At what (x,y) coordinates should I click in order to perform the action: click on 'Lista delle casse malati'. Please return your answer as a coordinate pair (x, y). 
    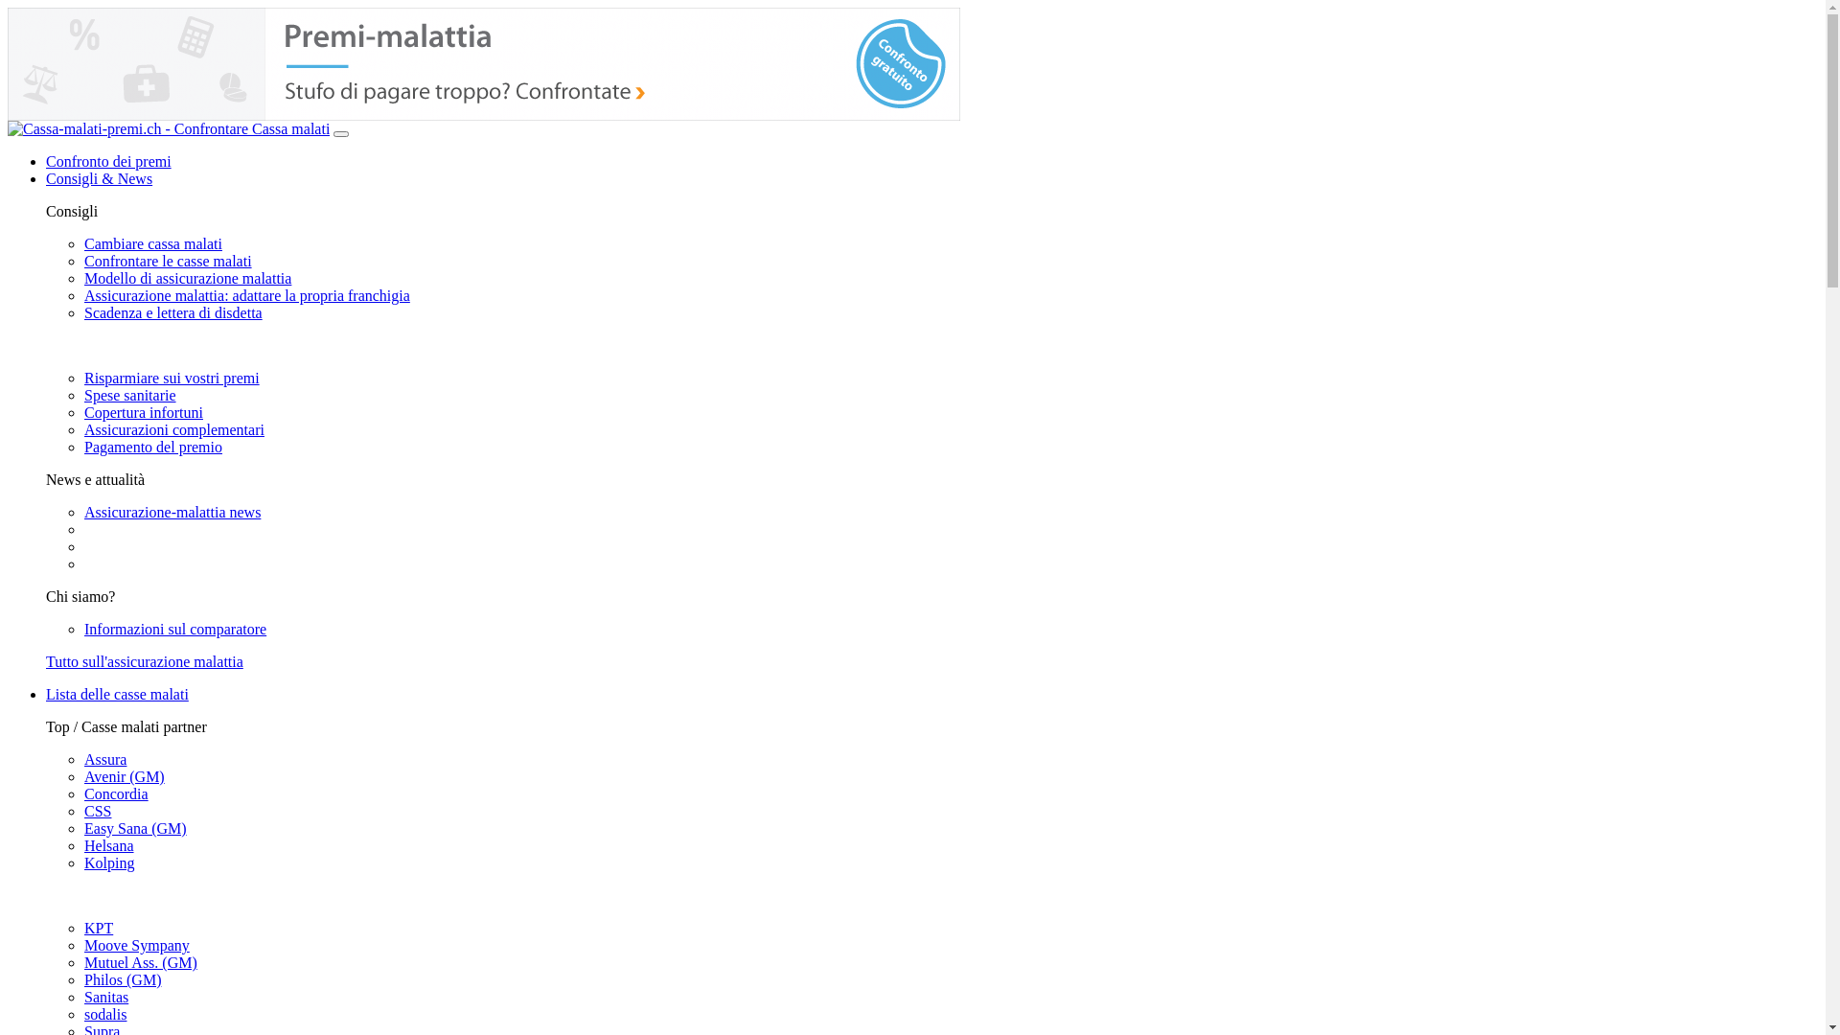
    Looking at the image, I should click on (116, 694).